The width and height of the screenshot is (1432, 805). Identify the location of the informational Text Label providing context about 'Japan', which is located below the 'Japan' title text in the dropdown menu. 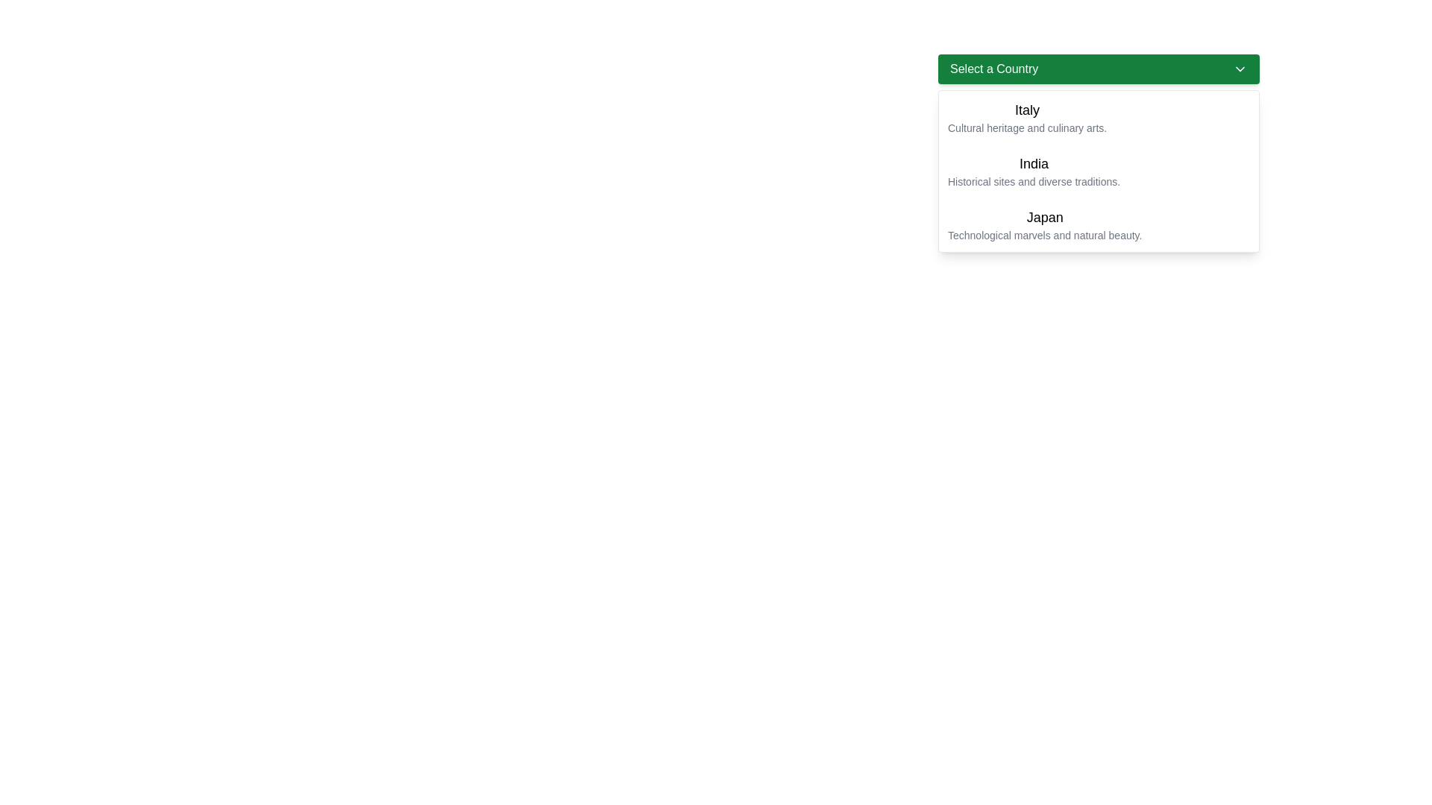
(1044, 235).